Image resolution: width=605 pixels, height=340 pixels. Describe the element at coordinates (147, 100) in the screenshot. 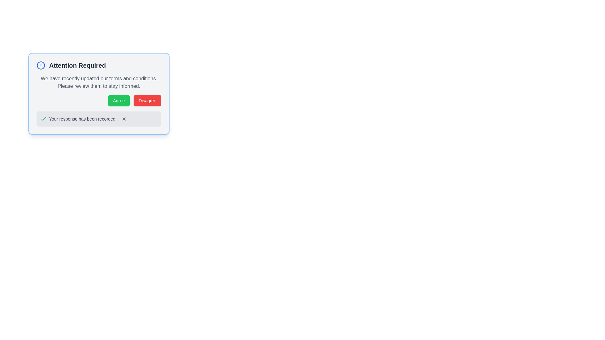

I see `the disagreement button located to the right of the 'Agree' button in the confirmation dialog` at that location.